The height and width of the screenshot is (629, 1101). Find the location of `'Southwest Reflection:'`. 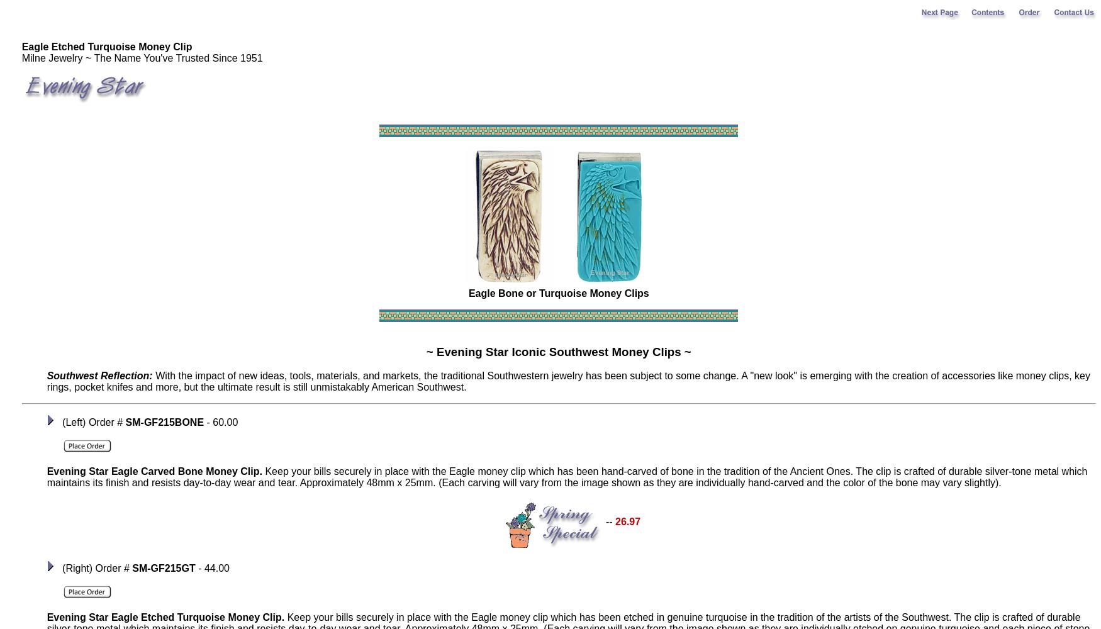

'Southwest Reflection:' is located at coordinates (99, 375).